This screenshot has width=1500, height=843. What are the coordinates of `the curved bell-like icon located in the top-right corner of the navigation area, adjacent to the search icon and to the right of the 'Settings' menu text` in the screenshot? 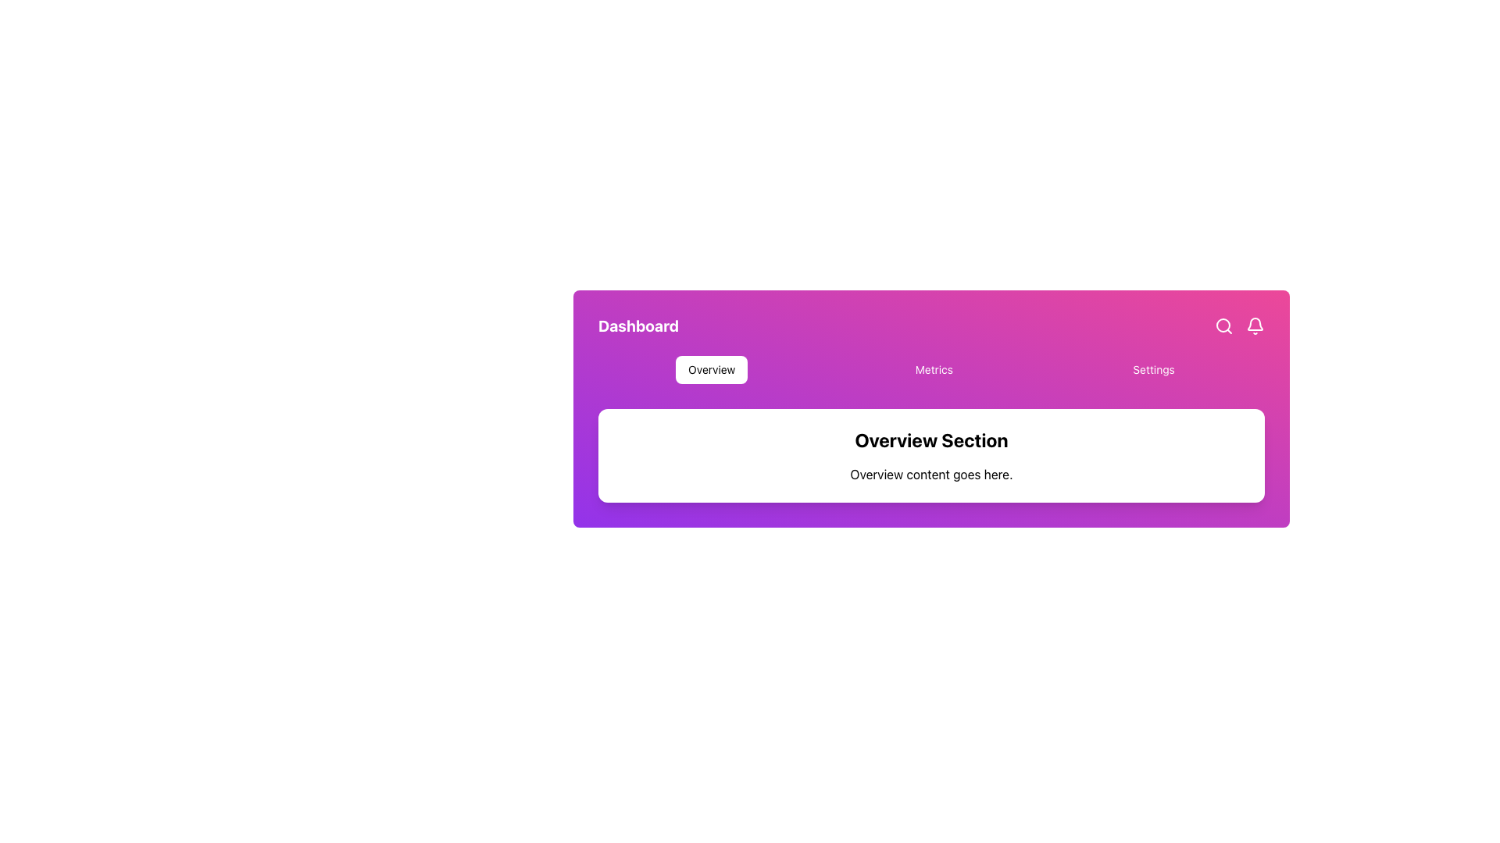 It's located at (1255, 323).